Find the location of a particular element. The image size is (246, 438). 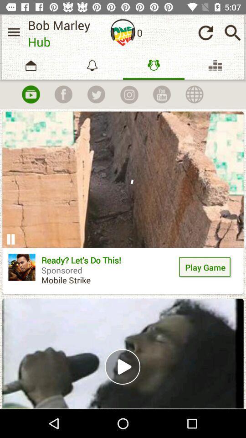

the icon to the left of play game item is located at coordinates (108, 273).